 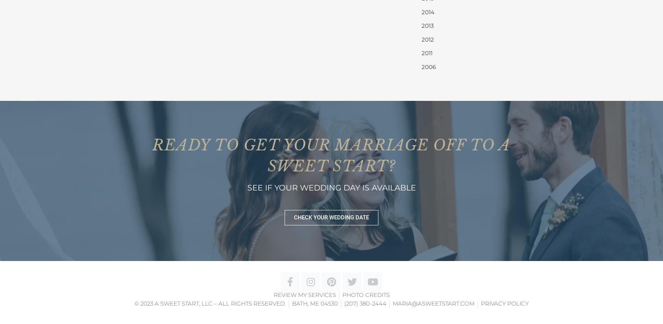 What do you see at coordinates (505, 303) in the screenshot?
I see `'privacy policy'` at bounding box center [505, 303].